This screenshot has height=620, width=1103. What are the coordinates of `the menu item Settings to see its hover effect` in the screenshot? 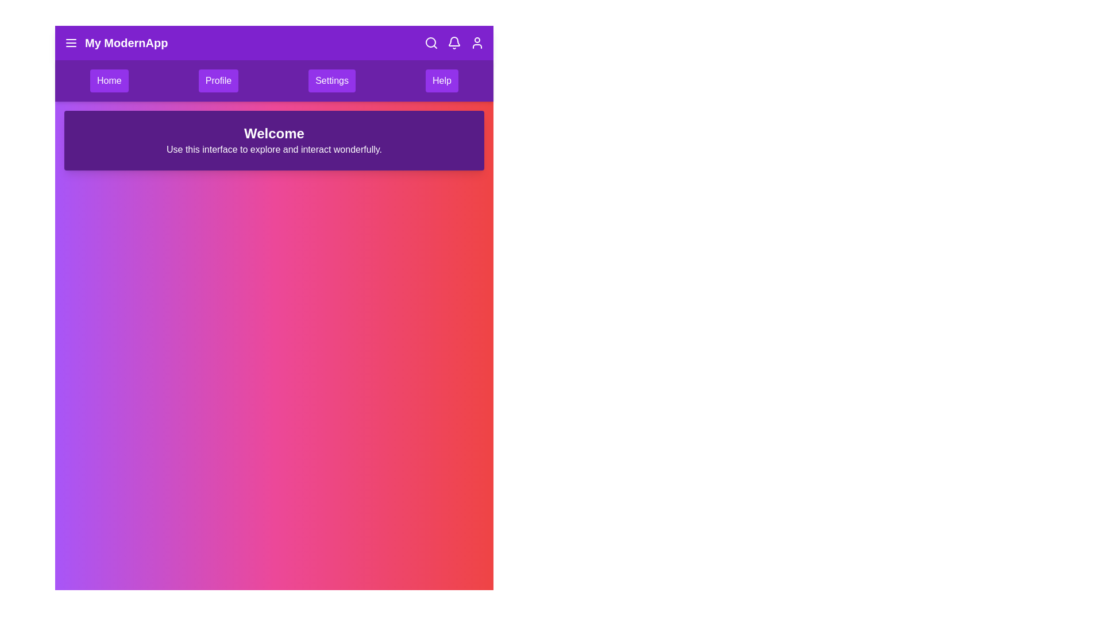 It's located at (331, 80).